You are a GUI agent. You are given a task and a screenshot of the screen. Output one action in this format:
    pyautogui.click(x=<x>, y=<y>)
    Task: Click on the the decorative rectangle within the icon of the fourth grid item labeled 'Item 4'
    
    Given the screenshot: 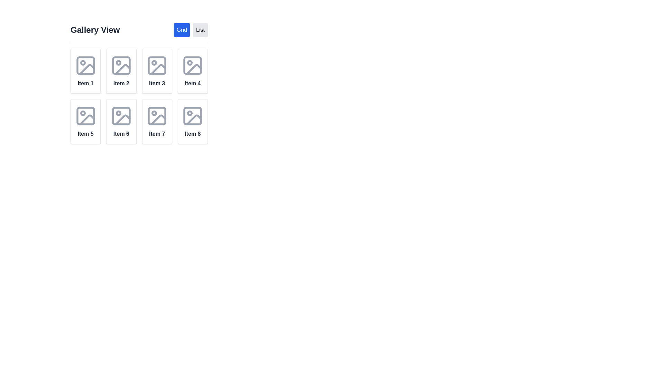 What is the action you would take?
    pyautogui.click(x=193, y=65)
    